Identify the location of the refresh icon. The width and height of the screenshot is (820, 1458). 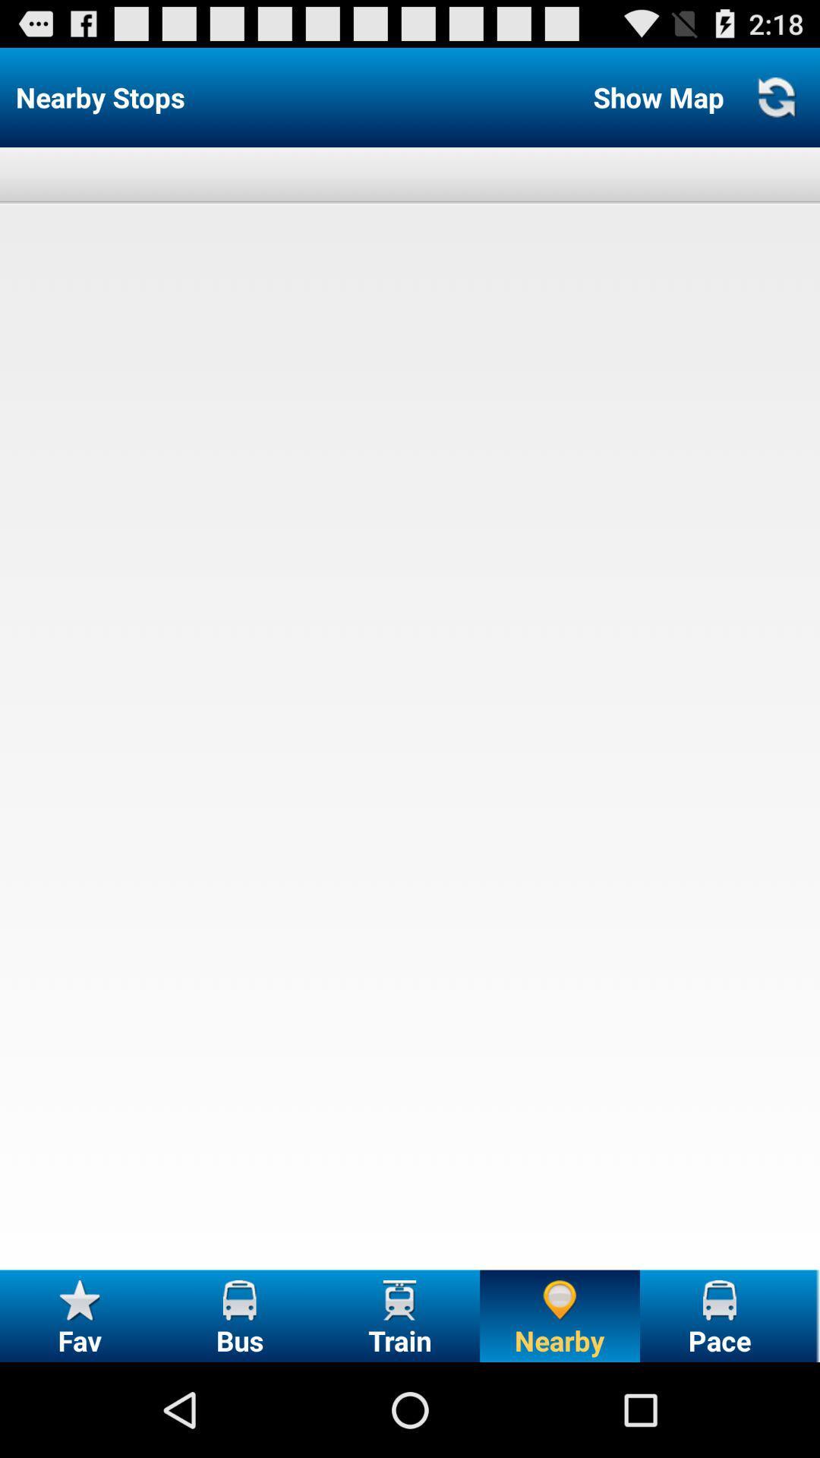
(776, 103).